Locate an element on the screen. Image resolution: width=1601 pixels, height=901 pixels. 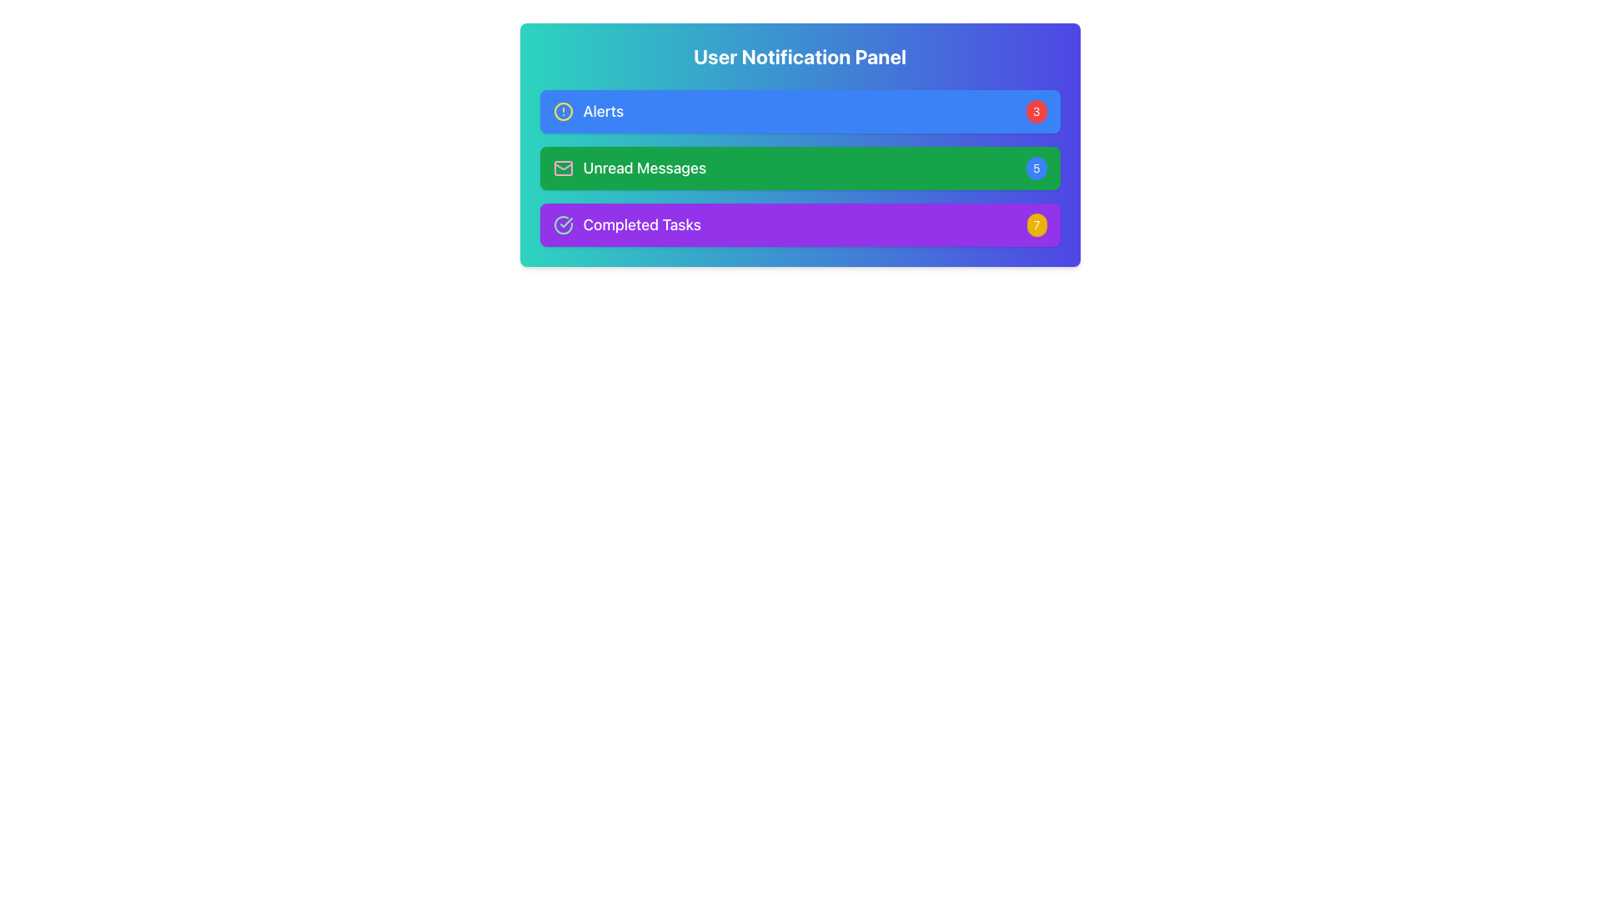
notification count displayed in the 'Alerts' notification category of the Notification Bar, which is positioned at the top of the user notification panel is located at coordinates (799, 112).